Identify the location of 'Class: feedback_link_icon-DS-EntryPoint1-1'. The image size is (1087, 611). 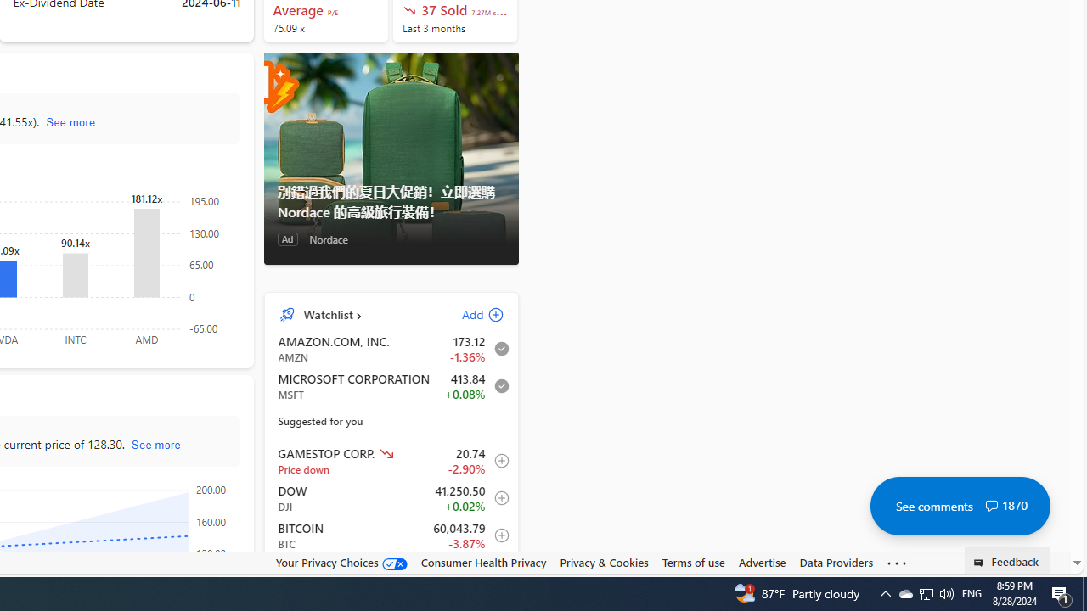
(982, 563).